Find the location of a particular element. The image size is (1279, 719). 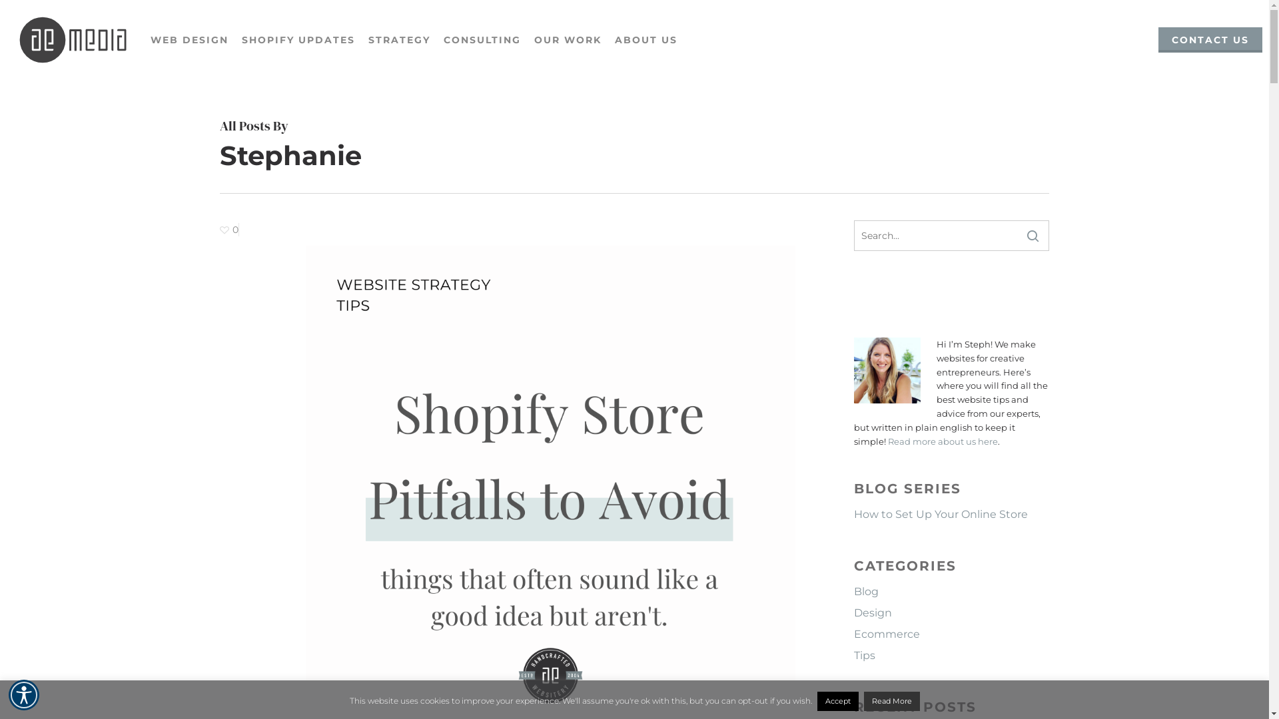

'WEB DESIGN' is located at coordinates (189, 39).